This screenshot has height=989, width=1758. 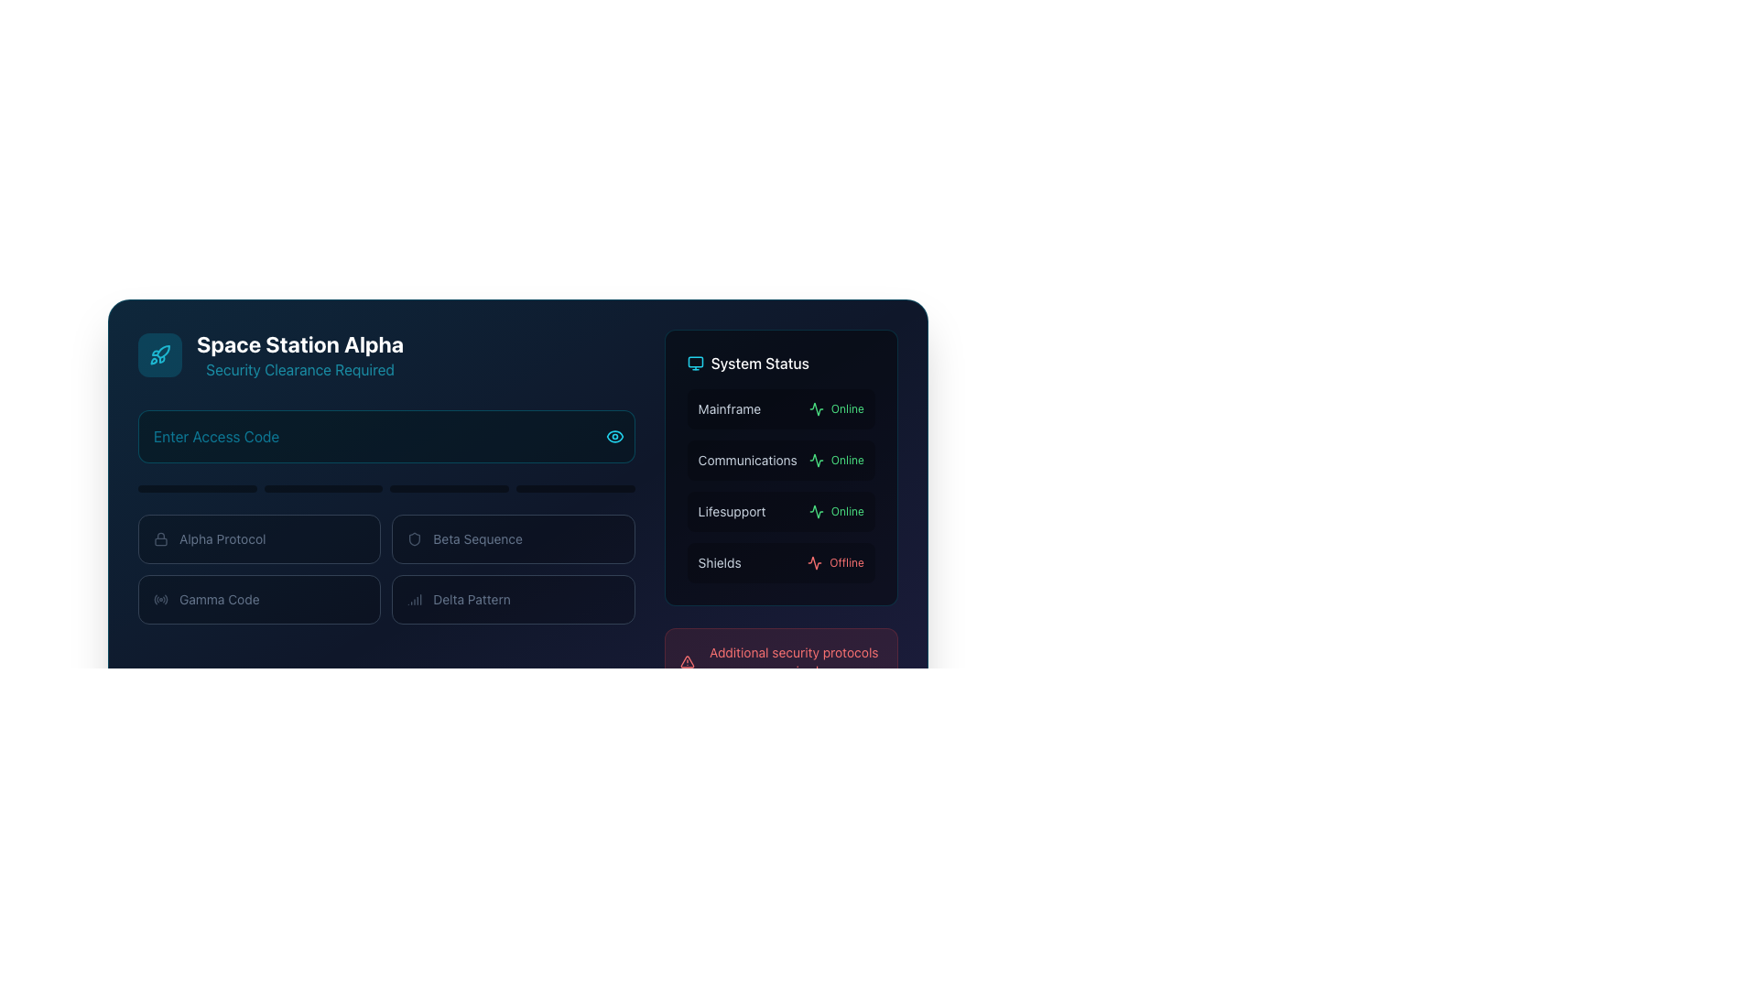 What do you see at coordinates (258, 538) in the screenshot?
I see `the button in the top-left section of the grid that is related to the 'Alpha Protocol' functionality to get more details` at bounding box center [258, 538].